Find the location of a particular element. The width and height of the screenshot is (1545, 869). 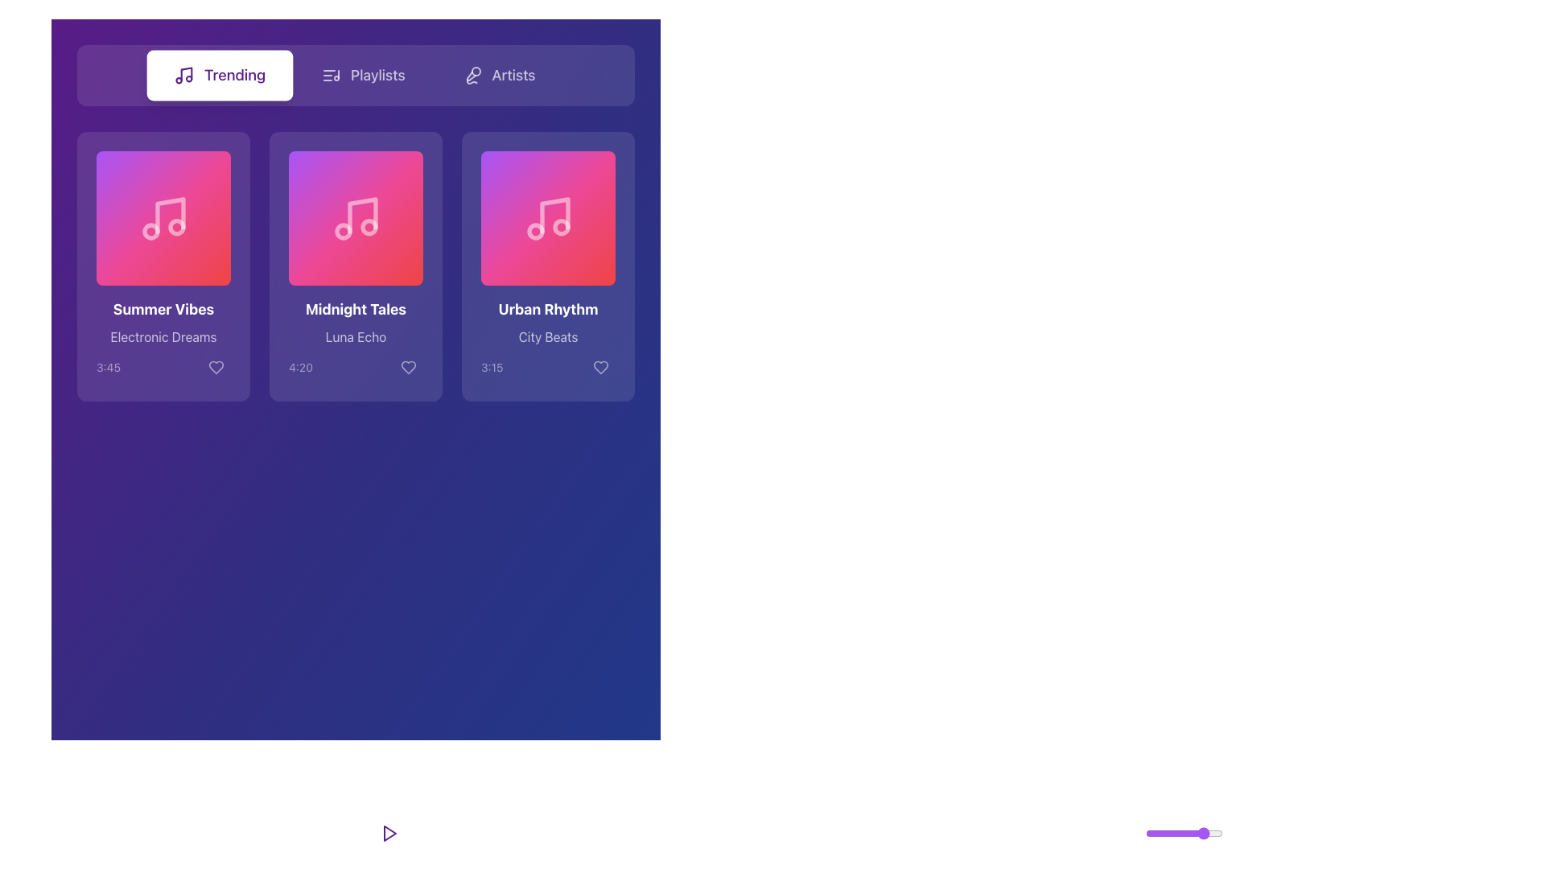

the music playlist icon located in the 'Playlists' section of the navigation bar, positioned to the left of the 'Playlists' label is located at coordinates (331, 75).